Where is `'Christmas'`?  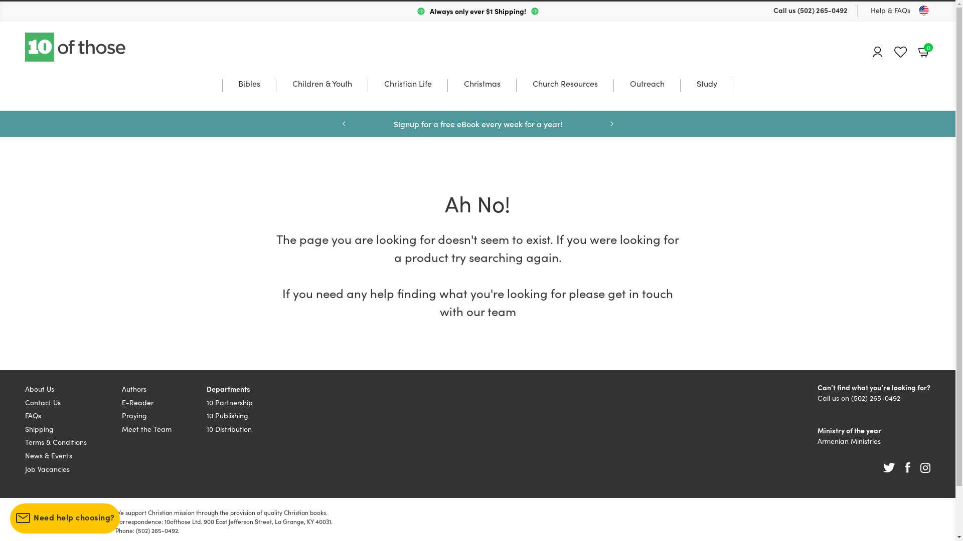 'Christmas' is located at coordinates (482, 93).